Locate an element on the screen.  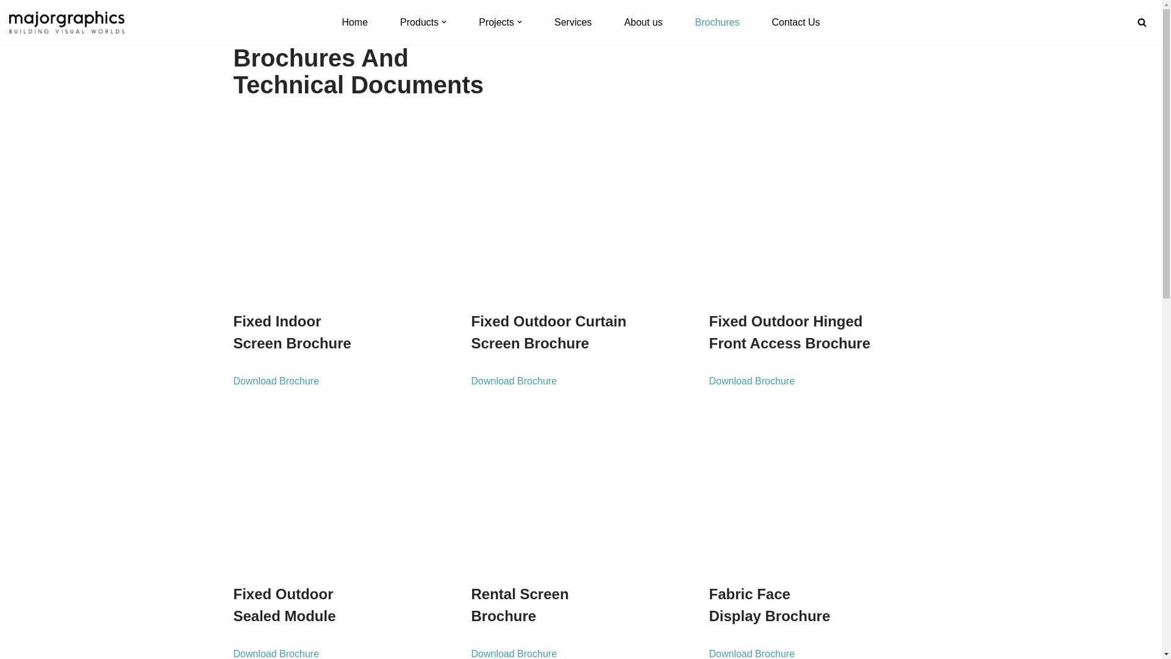
'Home' is located at coordinates (342, 22).